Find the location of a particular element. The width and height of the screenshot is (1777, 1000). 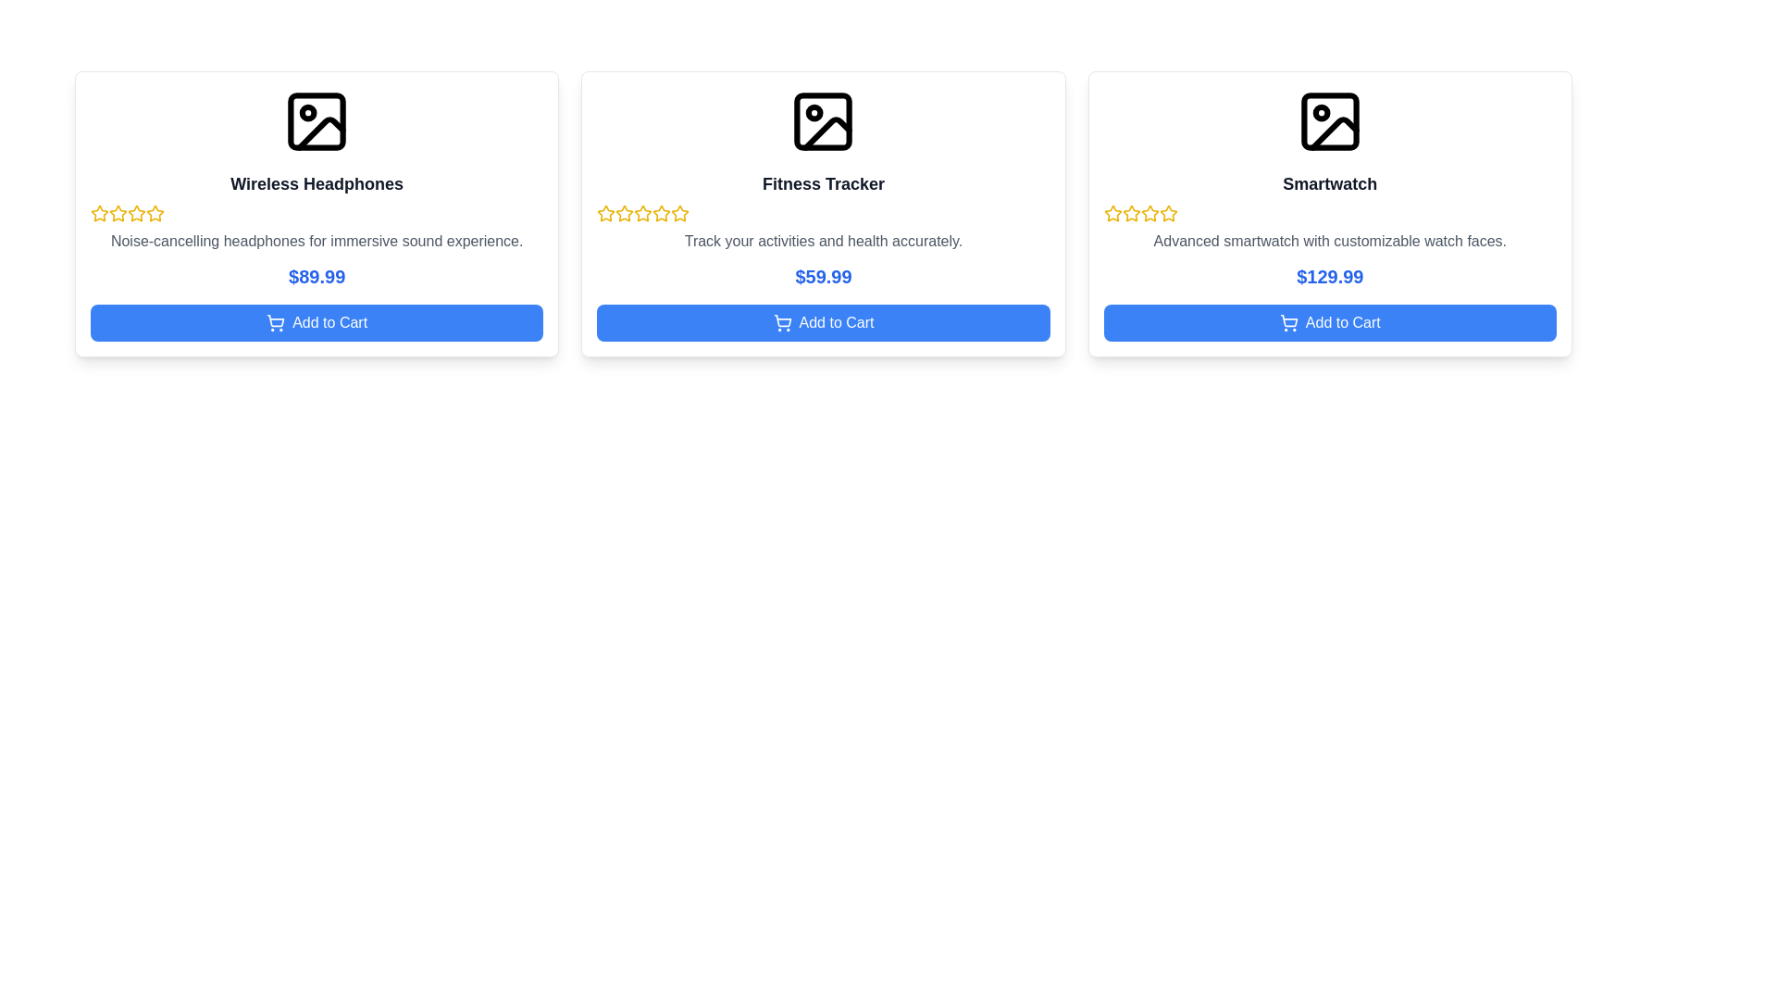

the yellow star element representing the rating for the 'Smartwatch' item is located at coordinates (1130, 212).